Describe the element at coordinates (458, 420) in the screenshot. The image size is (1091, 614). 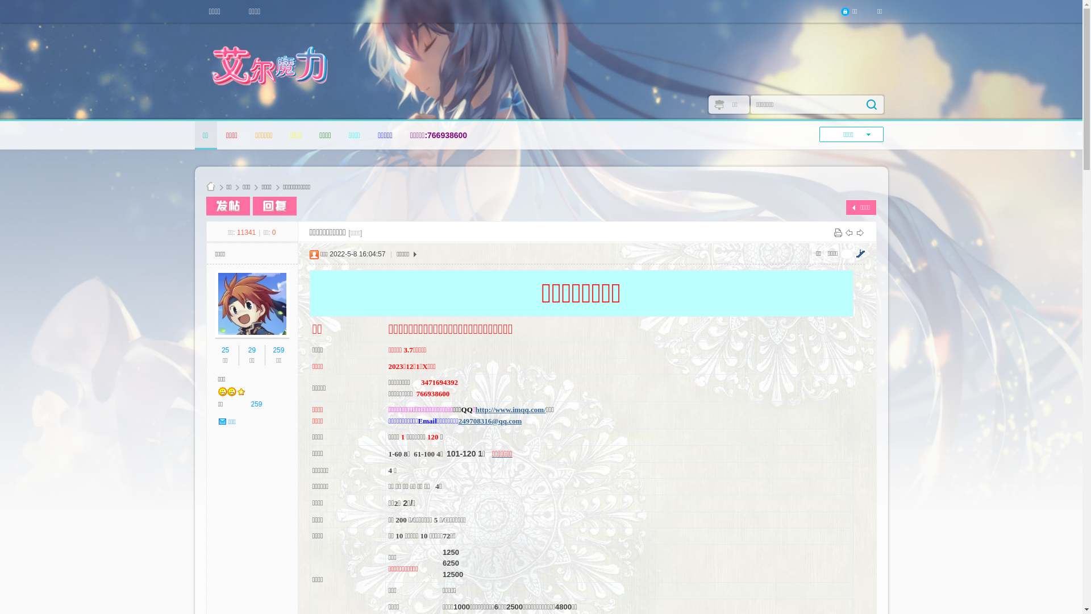
I see `'249708316@qq.com'` at that location.